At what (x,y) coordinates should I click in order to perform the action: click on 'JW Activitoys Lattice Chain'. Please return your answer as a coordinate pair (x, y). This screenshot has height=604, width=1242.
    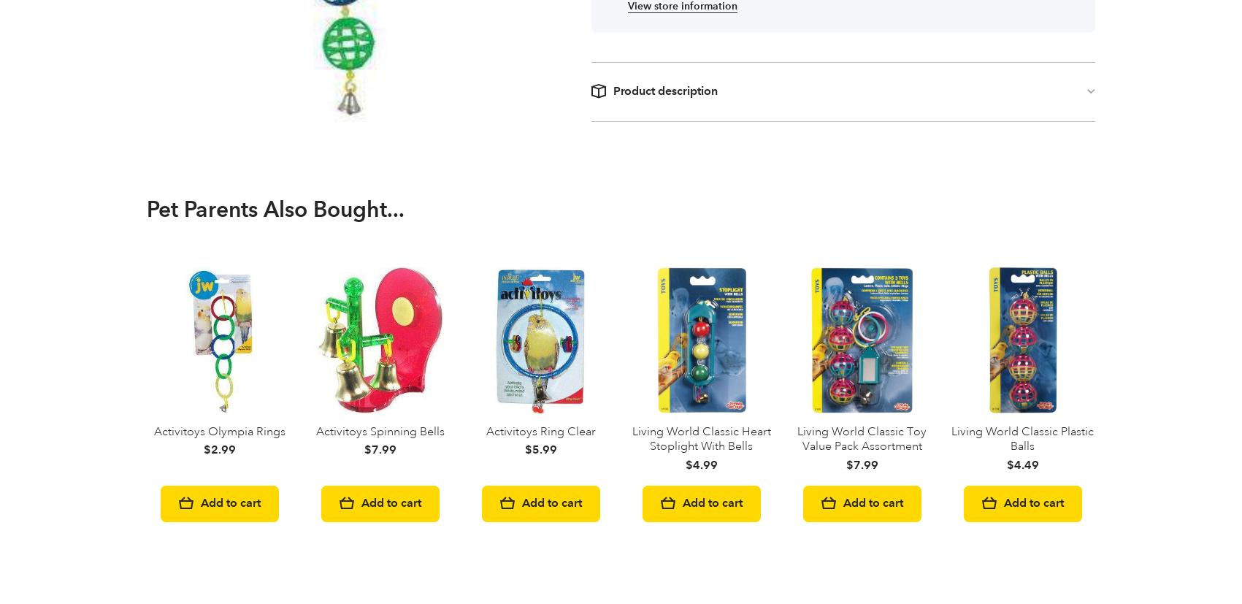
    Looking at the image, I should click on (524, 59).